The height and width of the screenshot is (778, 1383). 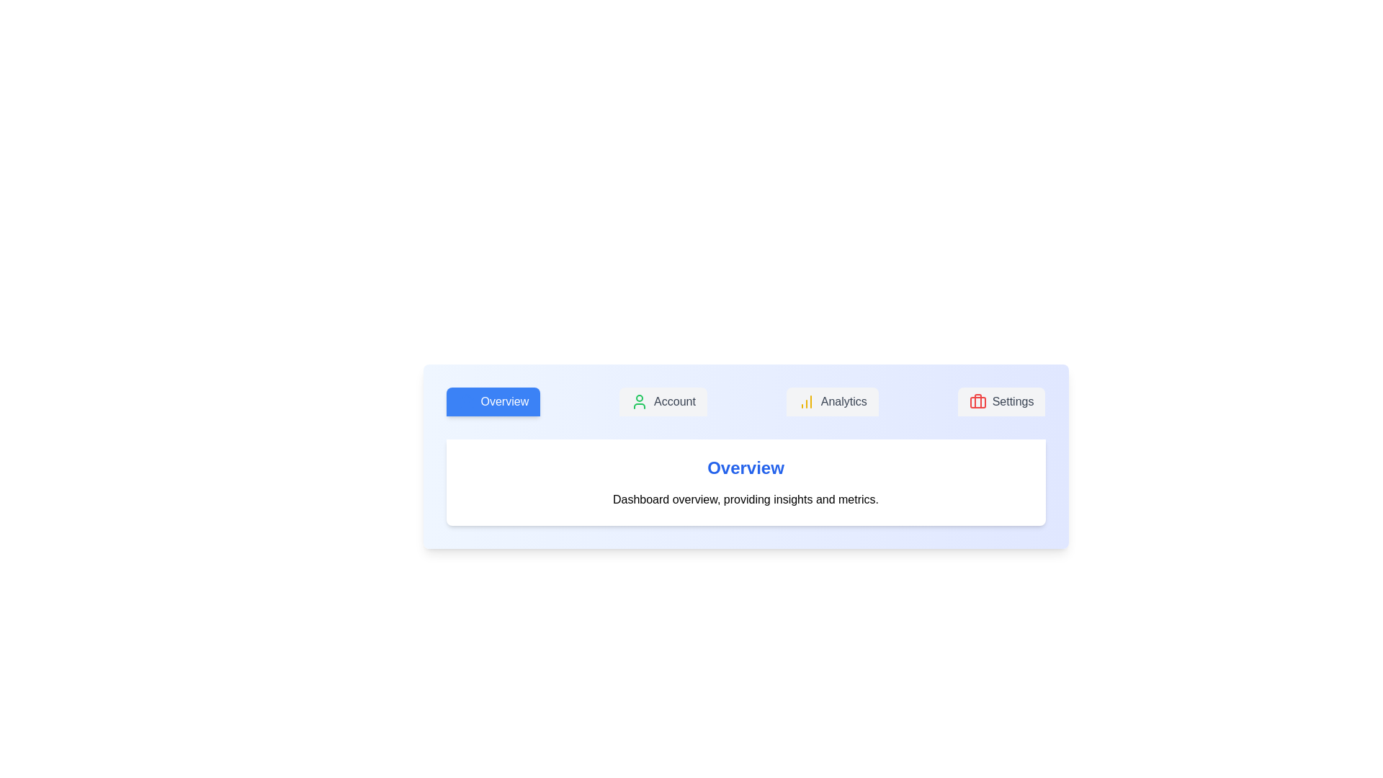 What do you see at coordinates (663, 402) in the screenshot?
I see `the tab labeled Account to observe its hover effect` at bounding box center [663, 402].